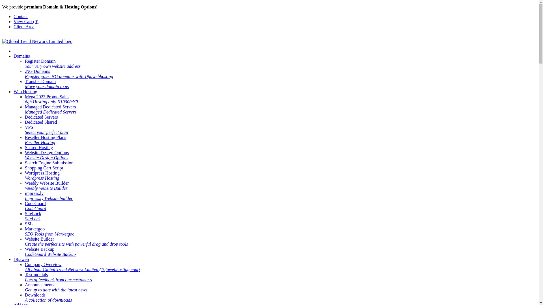 The width and height of the screenshot is (543, 305). Describe the element at coordinates (24, 64) in the screenshot. I see `'Register Domain` at that location.